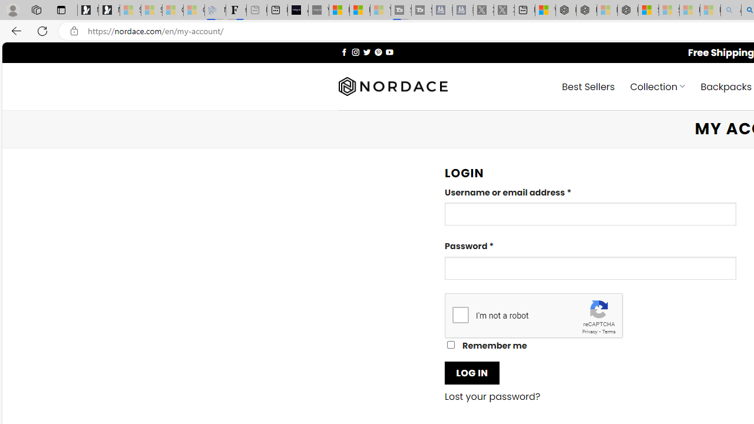 The height and width of the screenshot is (424, 754). I want to click on 'What', so click(318, 10).